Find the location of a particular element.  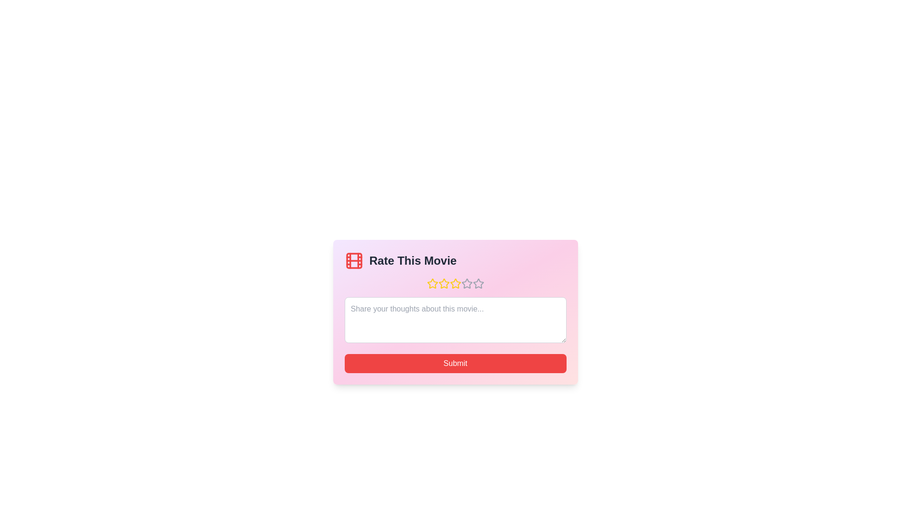

the star representing 3 stars to preview the rating is located at coordinates (455, 283).